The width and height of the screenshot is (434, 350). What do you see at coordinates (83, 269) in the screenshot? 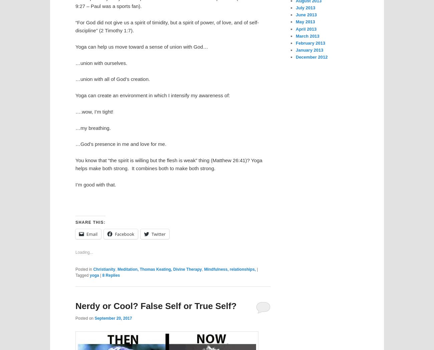
I see `'Posted in'` at bounding box center [83, 269].